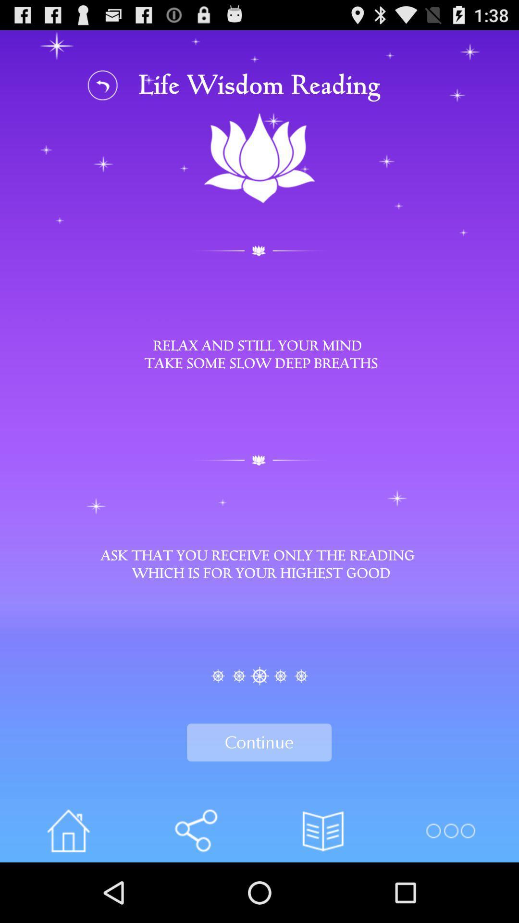 The height and width of the screenshot is (923, 519). Describe the element at coordinates (450, 830) in the screenshot. I see `open options menu` at that location.